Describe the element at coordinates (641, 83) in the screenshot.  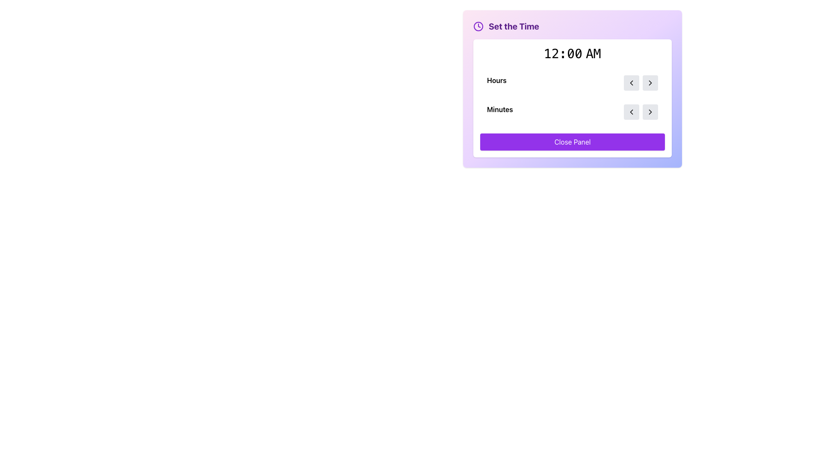
I see `the right-arrow button in the 'Hours' section to increment the hour value` at that location.